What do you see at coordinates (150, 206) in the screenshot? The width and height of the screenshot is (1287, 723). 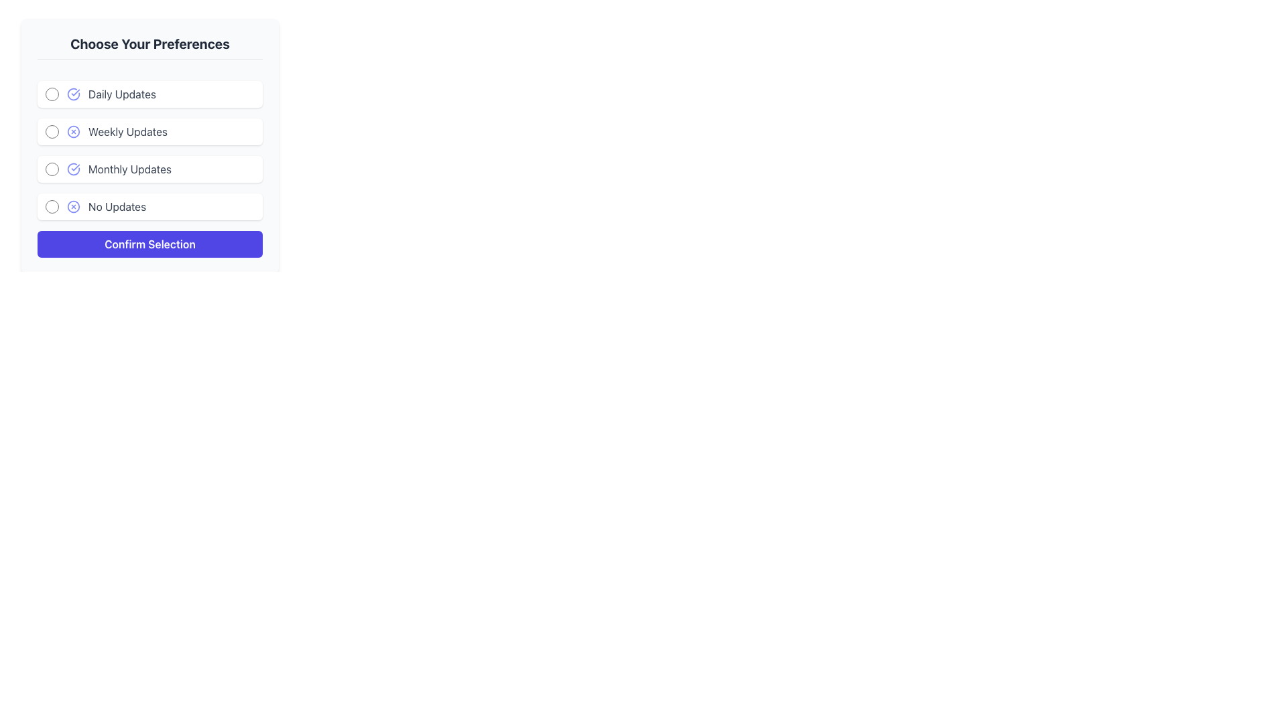 I see `the 'No Updates' radio button option in the 'Choose Your Preferences' list` at bounding box center [150, 206].